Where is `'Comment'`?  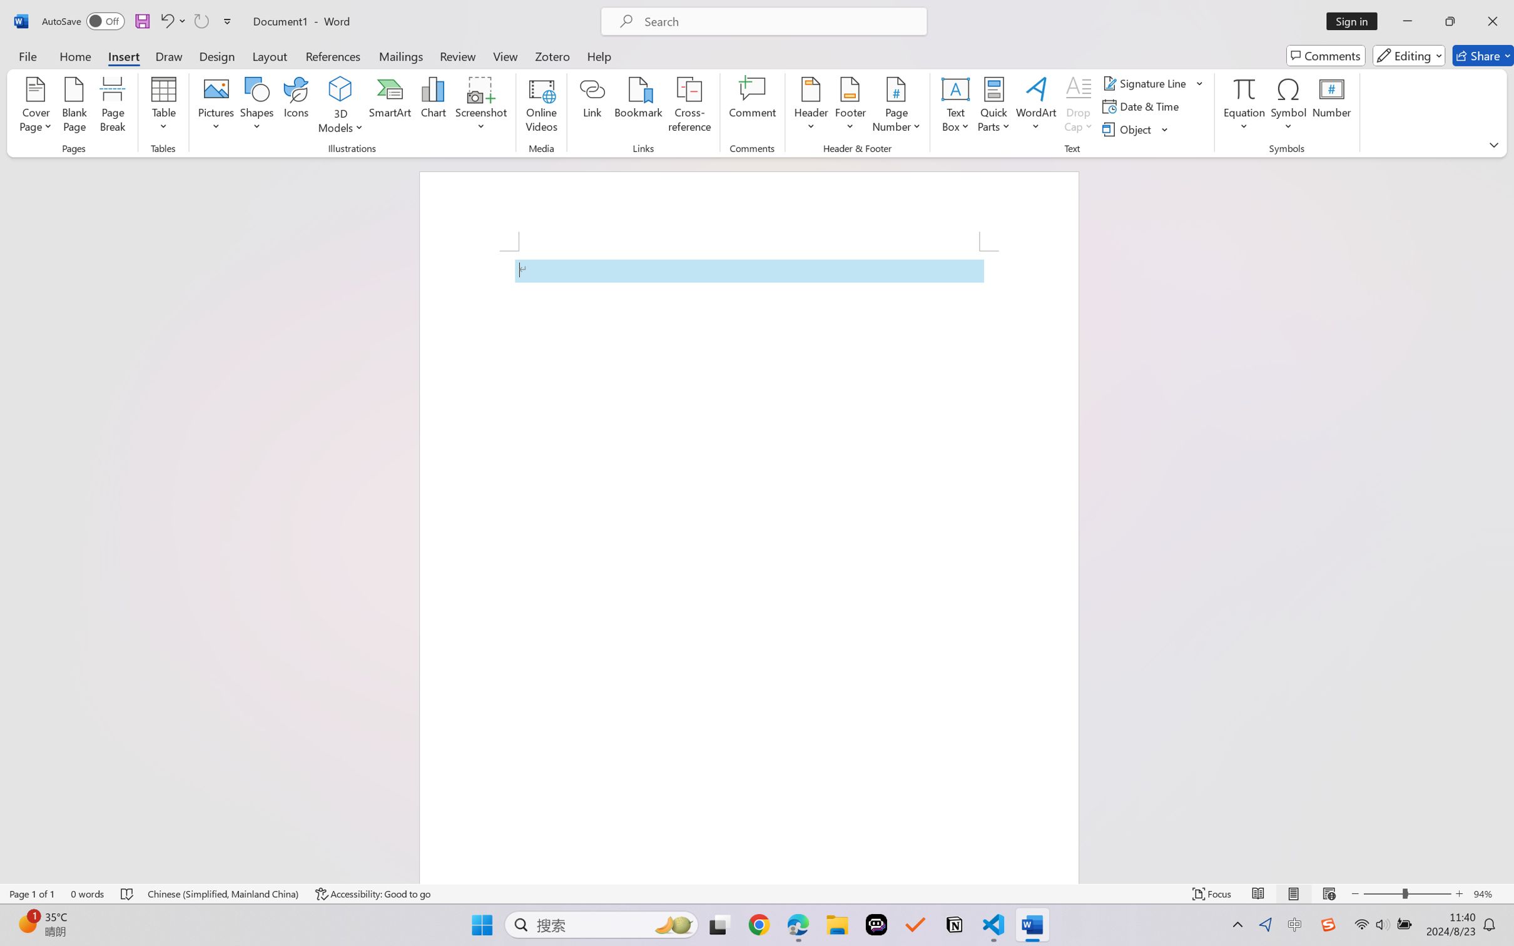
'Comment' is located at coordinates (752, 106).